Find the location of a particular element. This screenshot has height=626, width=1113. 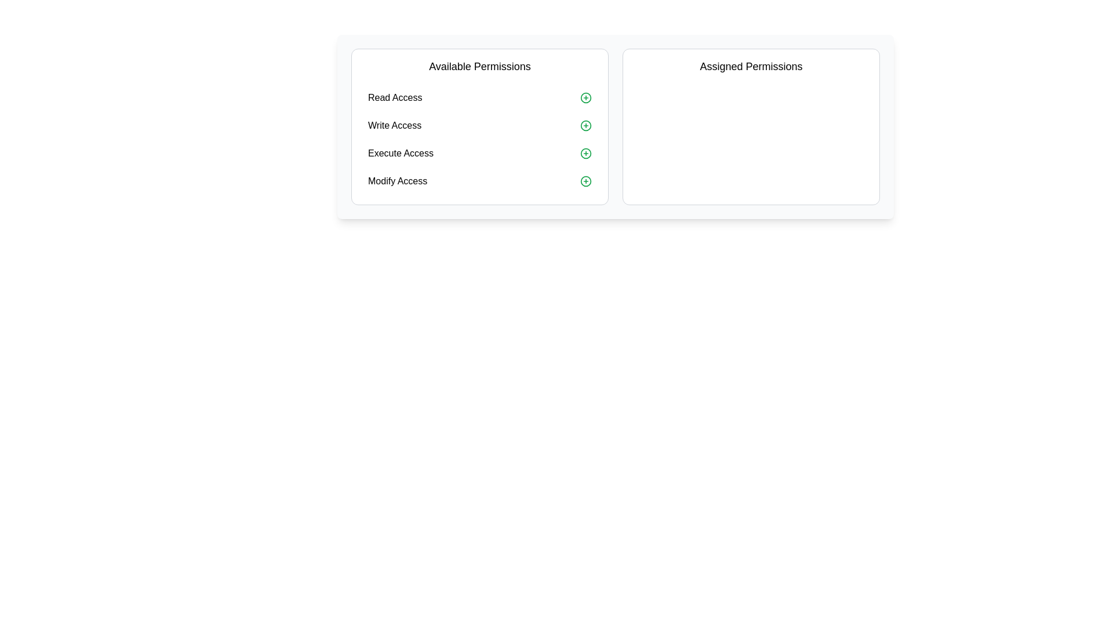

'+' icon next to the permission labeled 'Write Access' in the 'Available Permissions' list is located at coordinates (586, 125).